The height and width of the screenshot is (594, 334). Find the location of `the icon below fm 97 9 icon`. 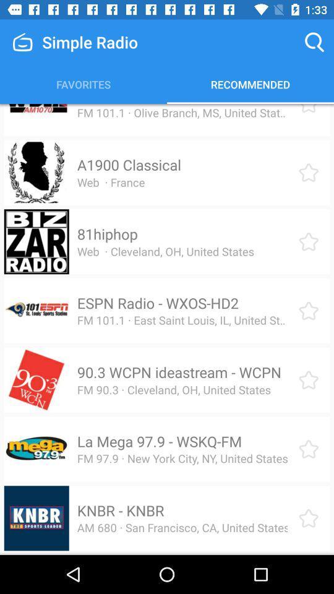

the icon below fm 97 9 icon is located at coordinates (121, 510).